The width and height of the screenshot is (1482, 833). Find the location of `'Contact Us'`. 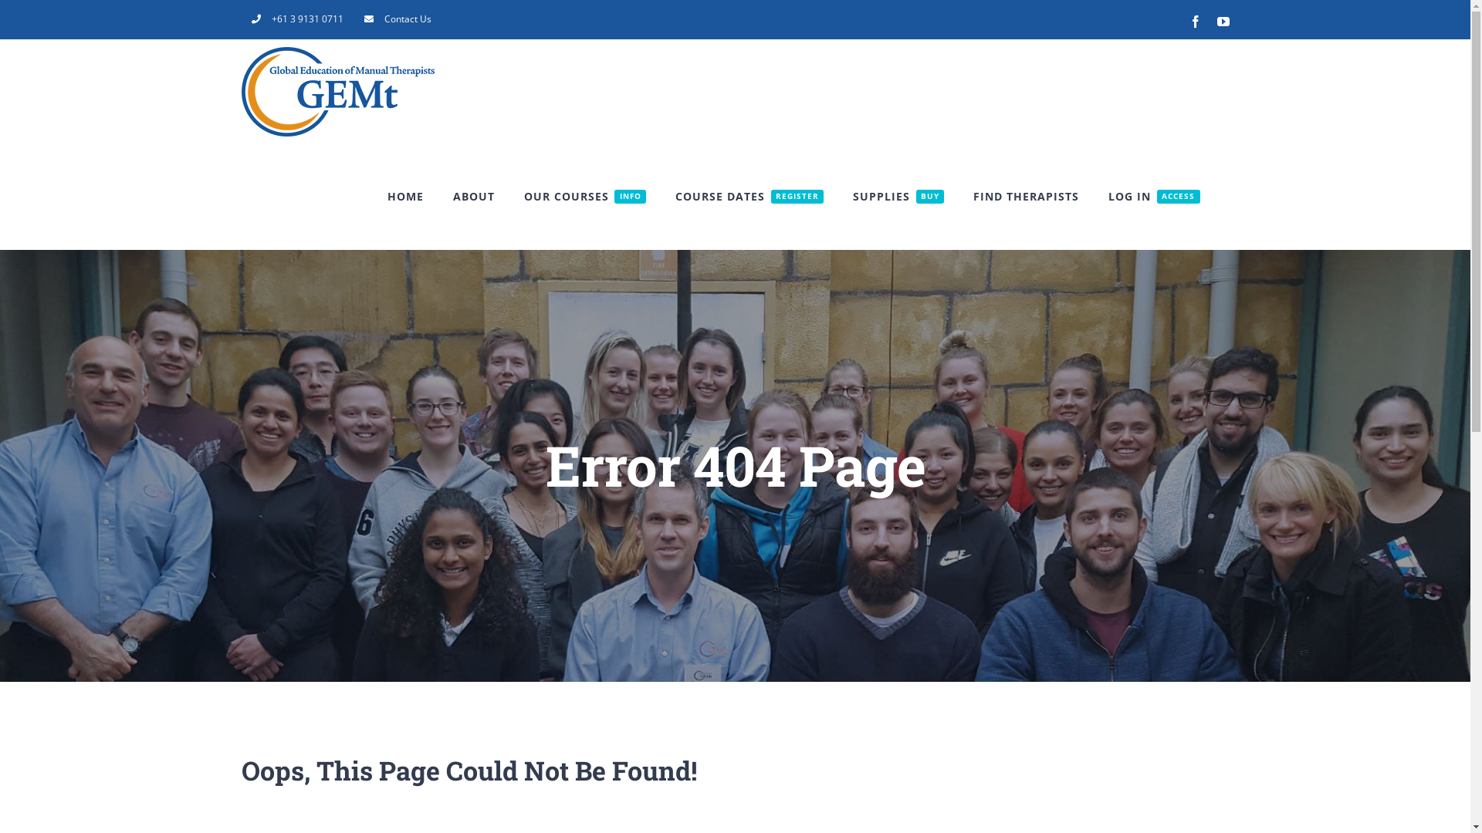

'Contact Us' is located at coordinates (397, 19).